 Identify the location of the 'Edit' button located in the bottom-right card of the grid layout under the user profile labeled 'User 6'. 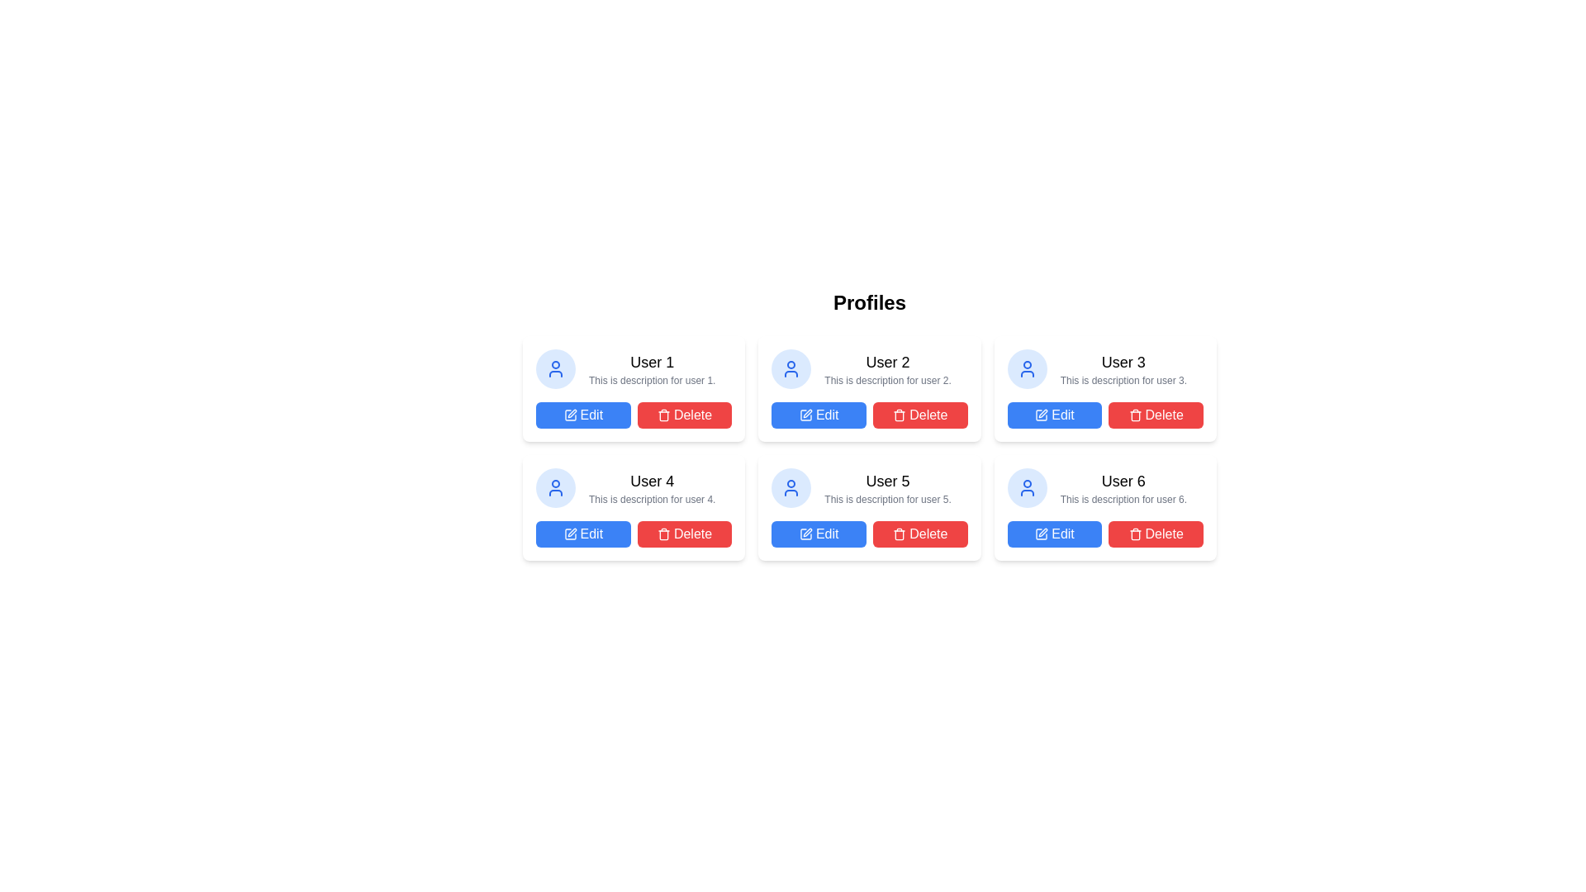
(1053, 534).